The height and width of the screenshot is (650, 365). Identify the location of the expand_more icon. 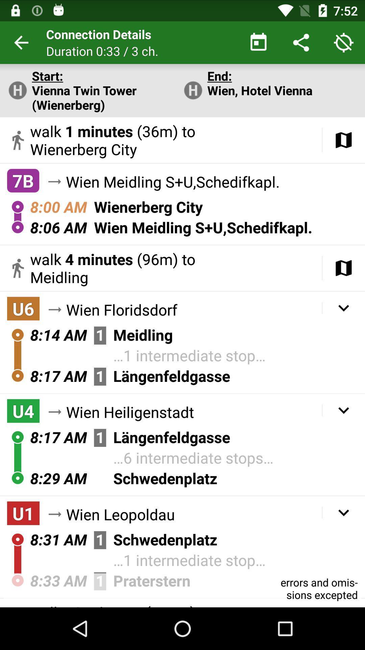
(344, 439).